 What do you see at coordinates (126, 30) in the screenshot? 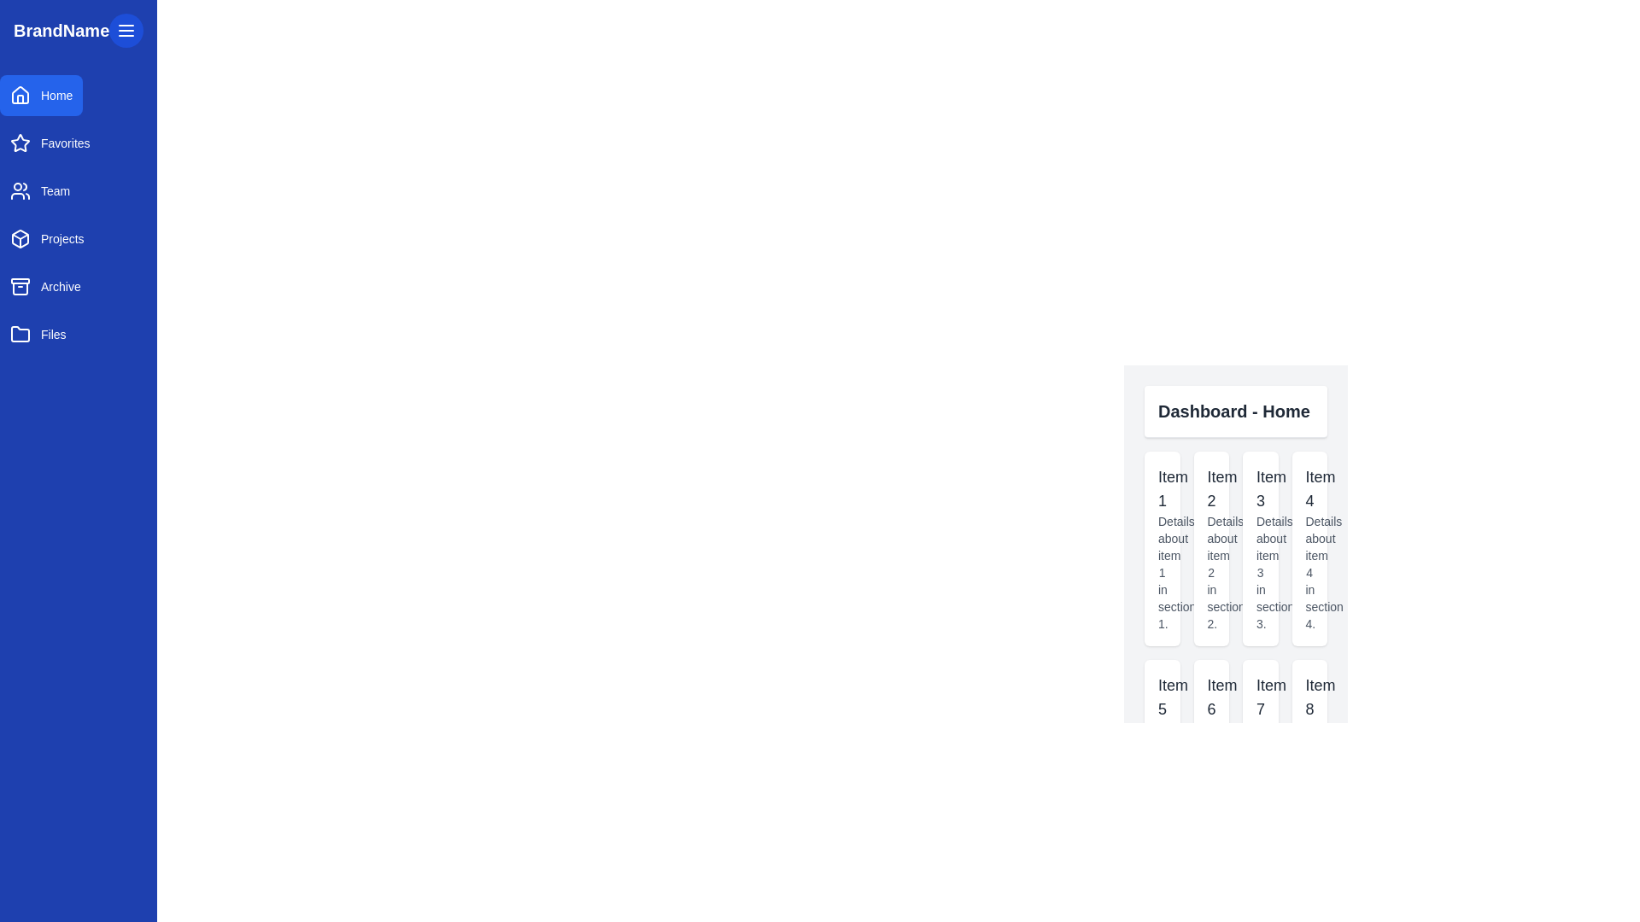
I see `the toggle button located` at bounding box center [126, 30].